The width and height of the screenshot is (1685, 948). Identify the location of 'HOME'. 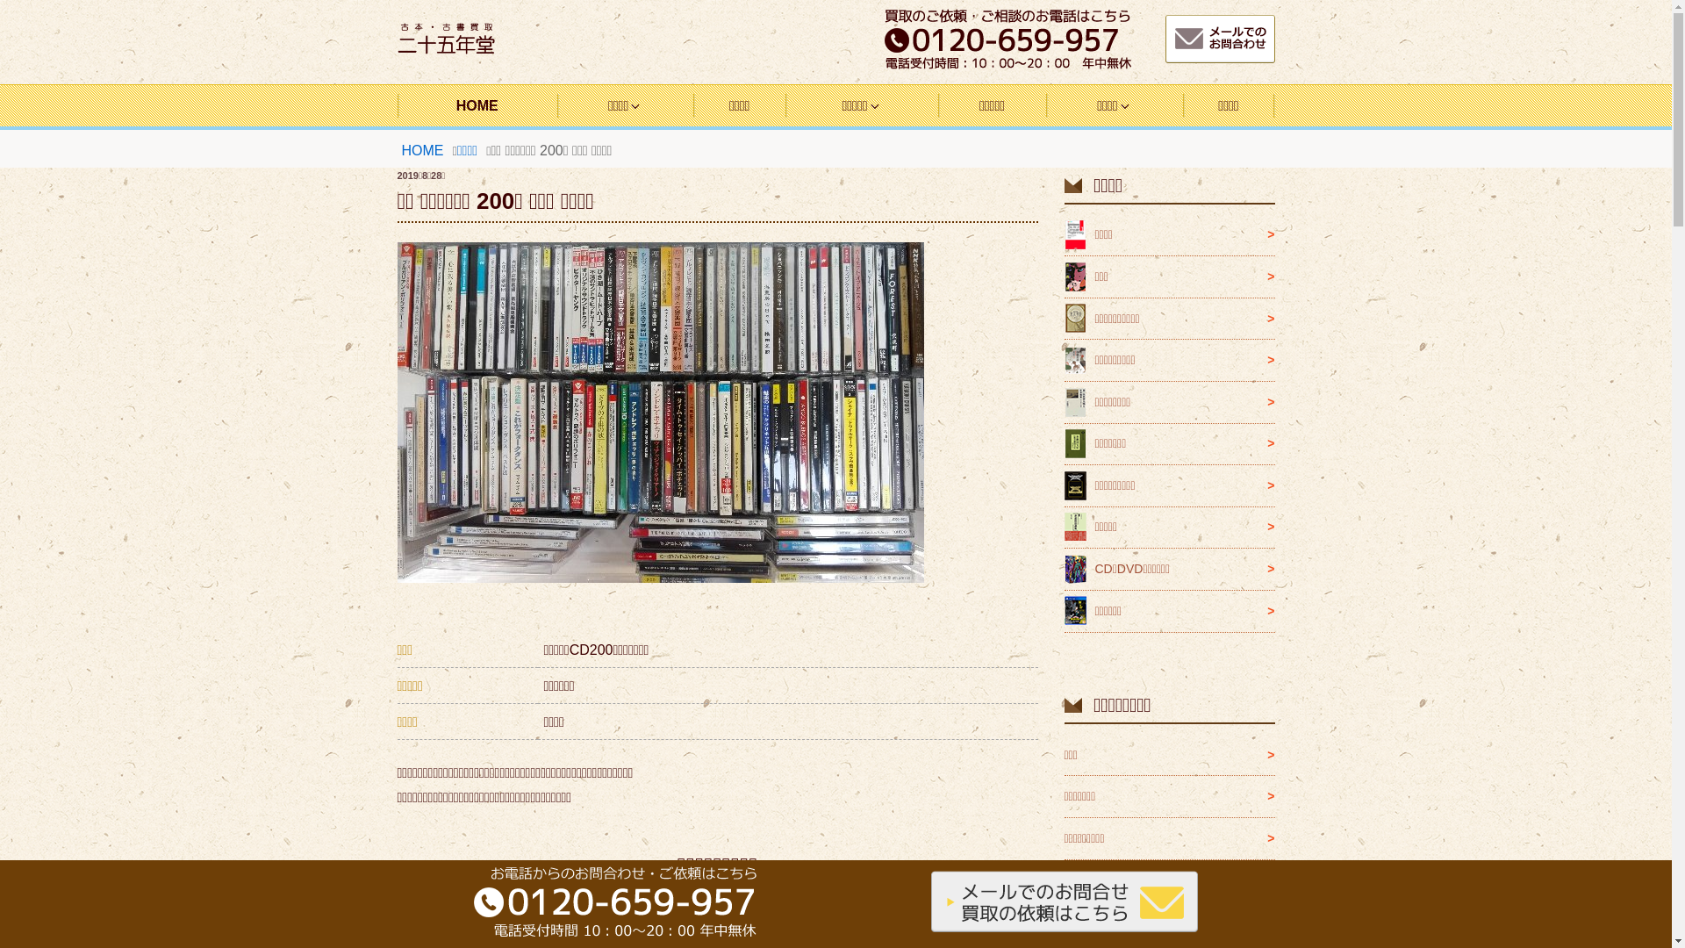
(395, 105).